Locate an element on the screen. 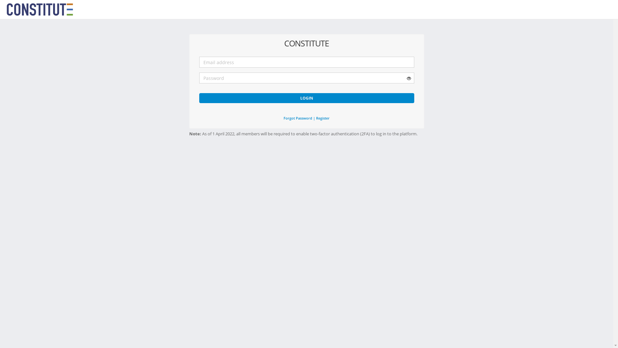 The image size is (618, 348). 'Login' is located at coordinates (306, 98).